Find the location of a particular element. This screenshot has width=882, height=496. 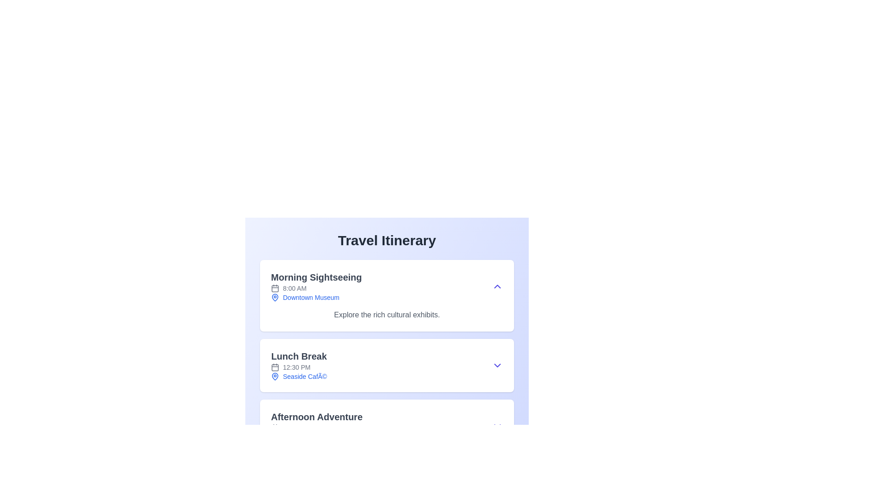

the 'Lunch Break' static text label, which is prominently displayed in bold, extra-large dark gray font at the top of the Lunch Break section is located at coordinates (299, 355).